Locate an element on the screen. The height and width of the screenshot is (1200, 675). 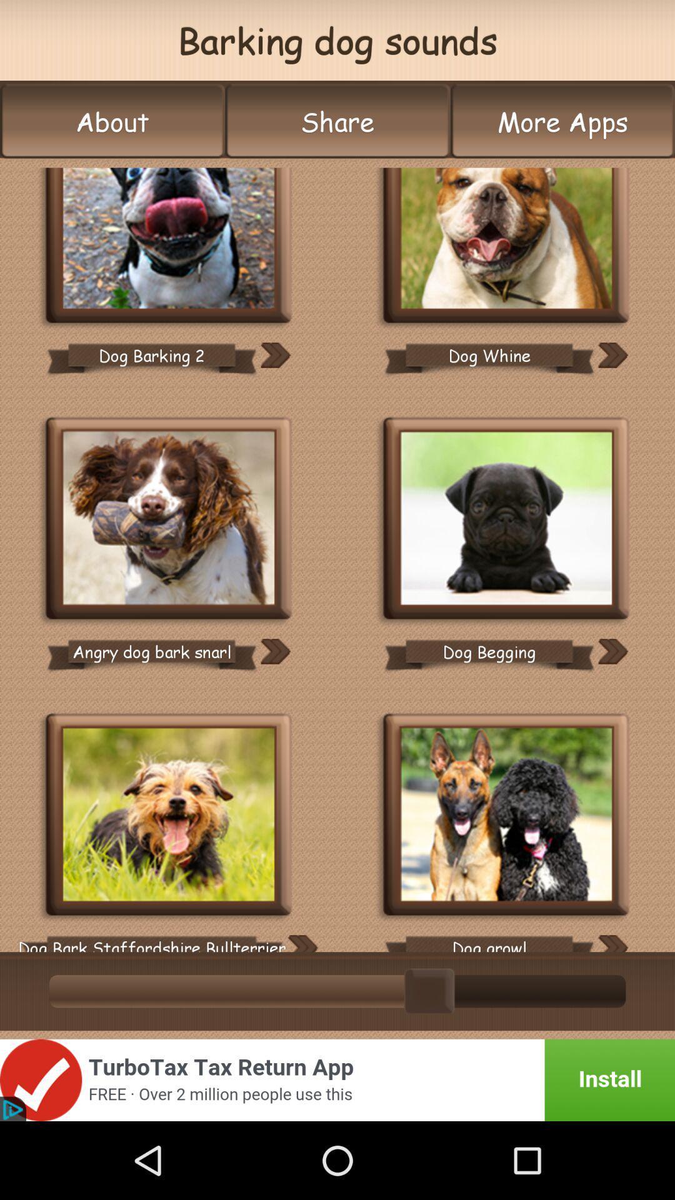
button to the right of the about is located at coordinates (337, 121).